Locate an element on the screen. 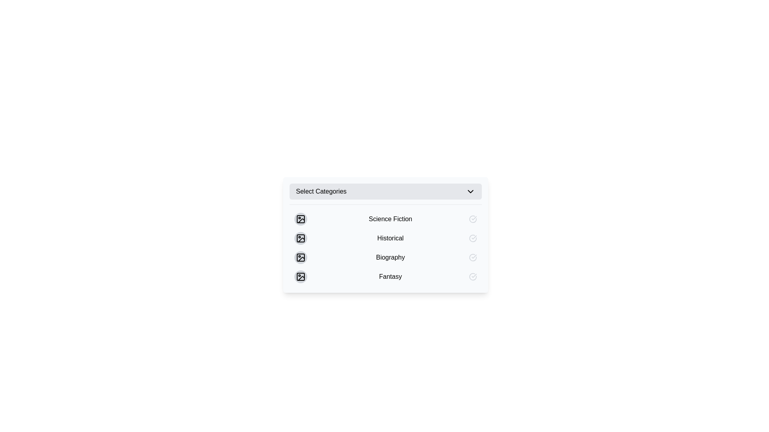  the Chevron Icon located to the far right of the 'Select Categories' button is located at coordinates (471, 191).